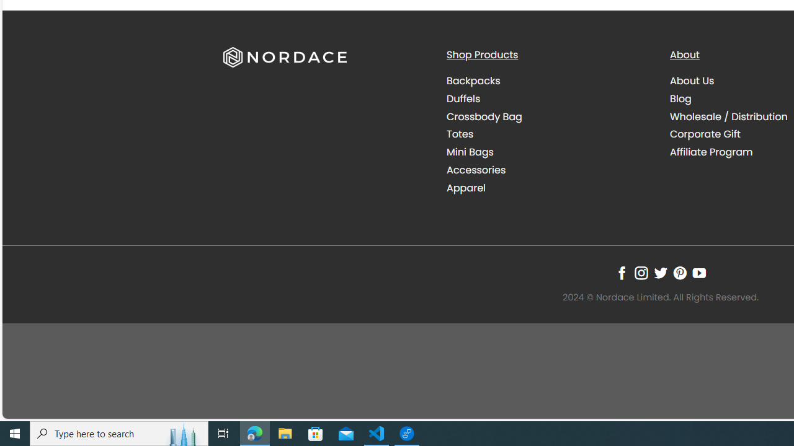 Image resolution: width=794 pixels, height=446 pixels. I want to click on 'Mini Bags', so click(469, 151).